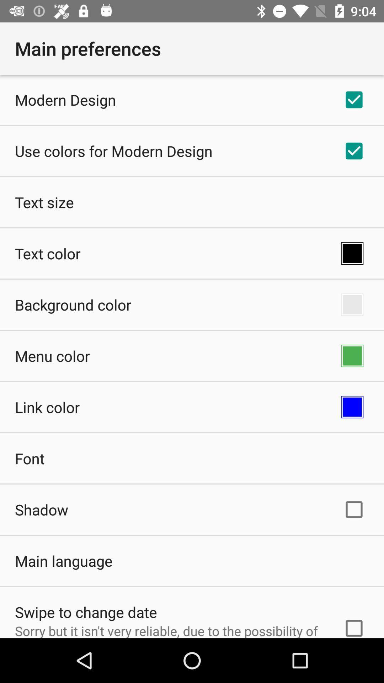 The height and width of the screenshot is (683, 384). What do you see at coordinates (85, 611) in the screenshot?
I see `the icon below main language icon` at bounding box center [85, 611].